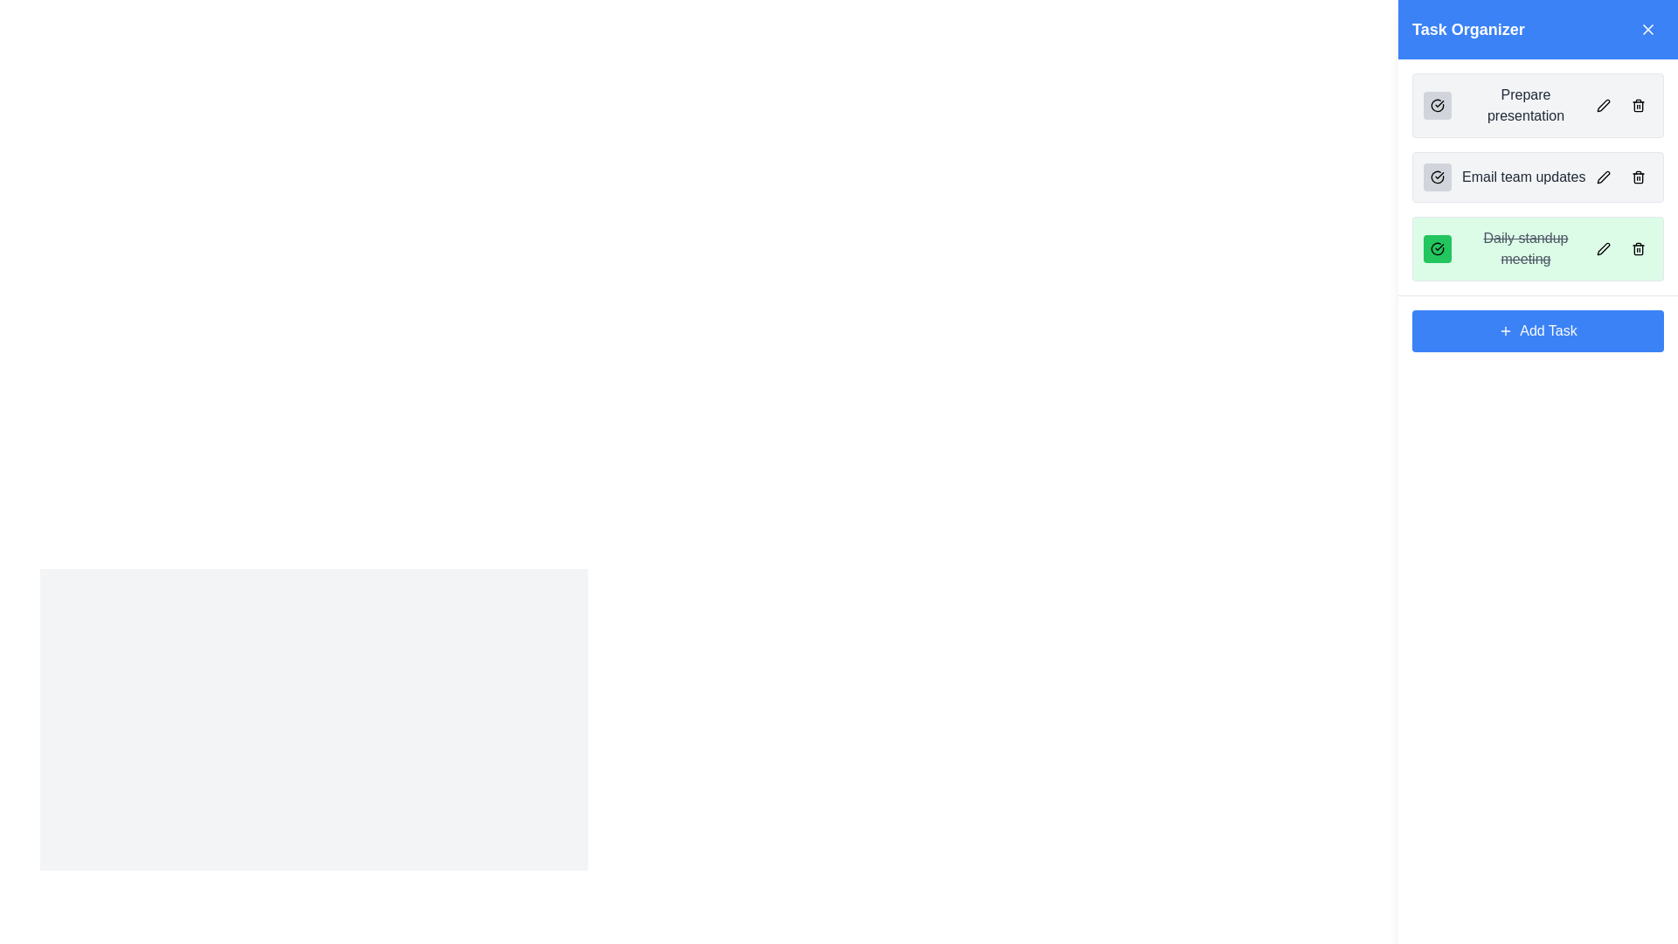 This screenshot has width=1678, height=944. I want to click on the trash can icon button located in the 'Task Organizer' panel in the last column of the 'Daily standup meeting' row, so click(1638, 177).